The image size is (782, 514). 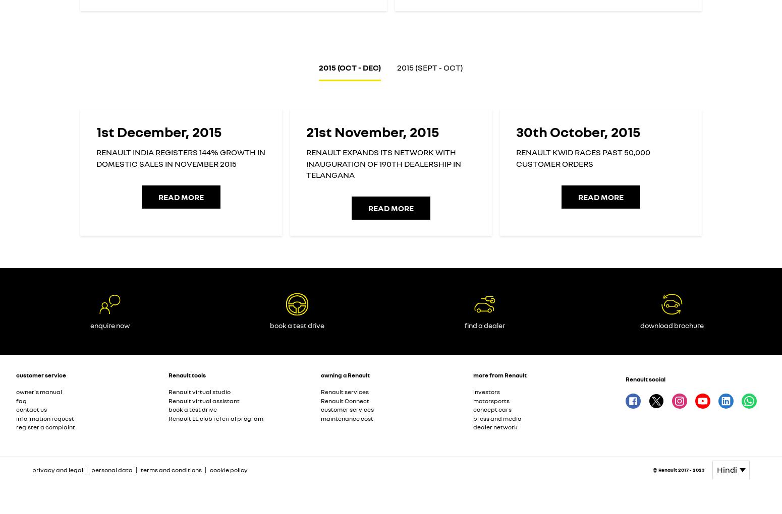 What do you see at coordinates (180, 158) in the screenshot?
I see `'RENAULT INDIA REGISTERS 144% GROWTH IN DOMESTIC SALES IN NOVEMBER 2015'` at bounding box center [180, 158].